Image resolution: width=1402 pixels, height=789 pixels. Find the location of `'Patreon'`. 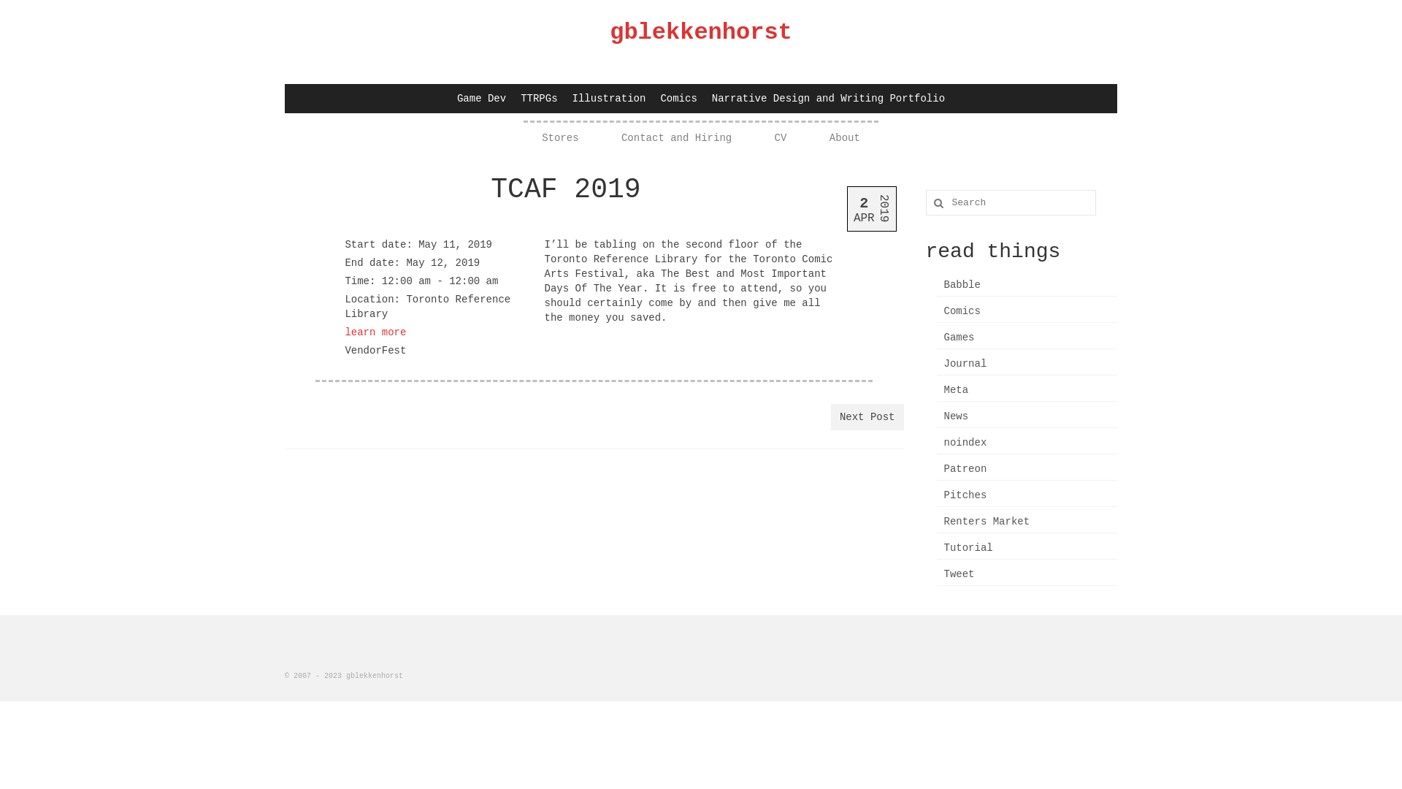

'Patreon' is located at coordinates (1026, 469).